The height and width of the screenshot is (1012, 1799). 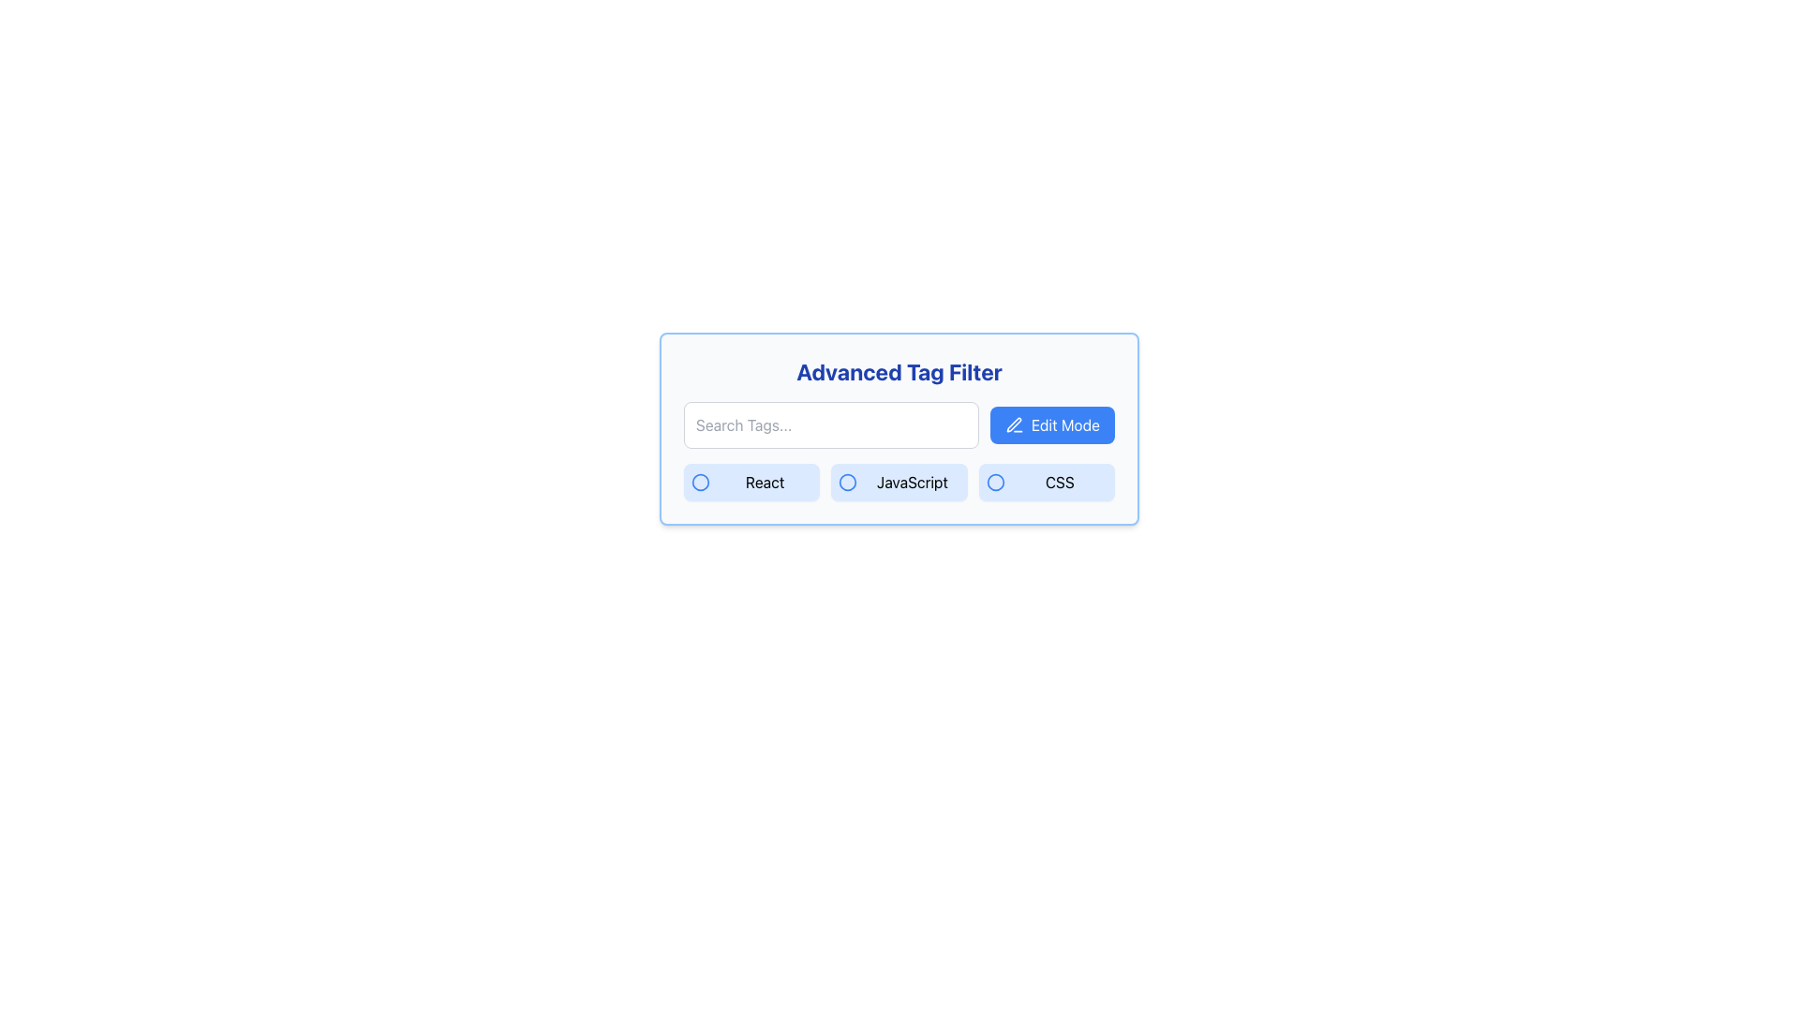 What do you see at coordinates (700, 482) in the screenshot?
I see `the circular icon with a blue border and transparent fill, located to the left of the 'React' label` at bounding box center [700, 482].